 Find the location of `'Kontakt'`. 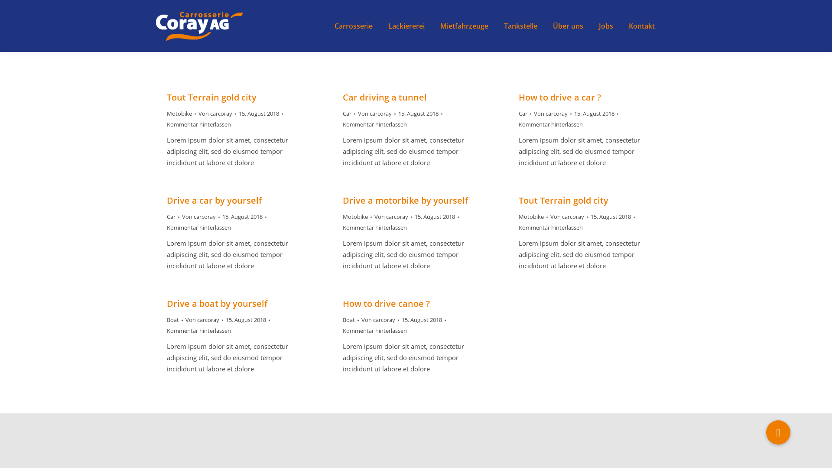

'Kontakt' is located at coordinates (642, 26).